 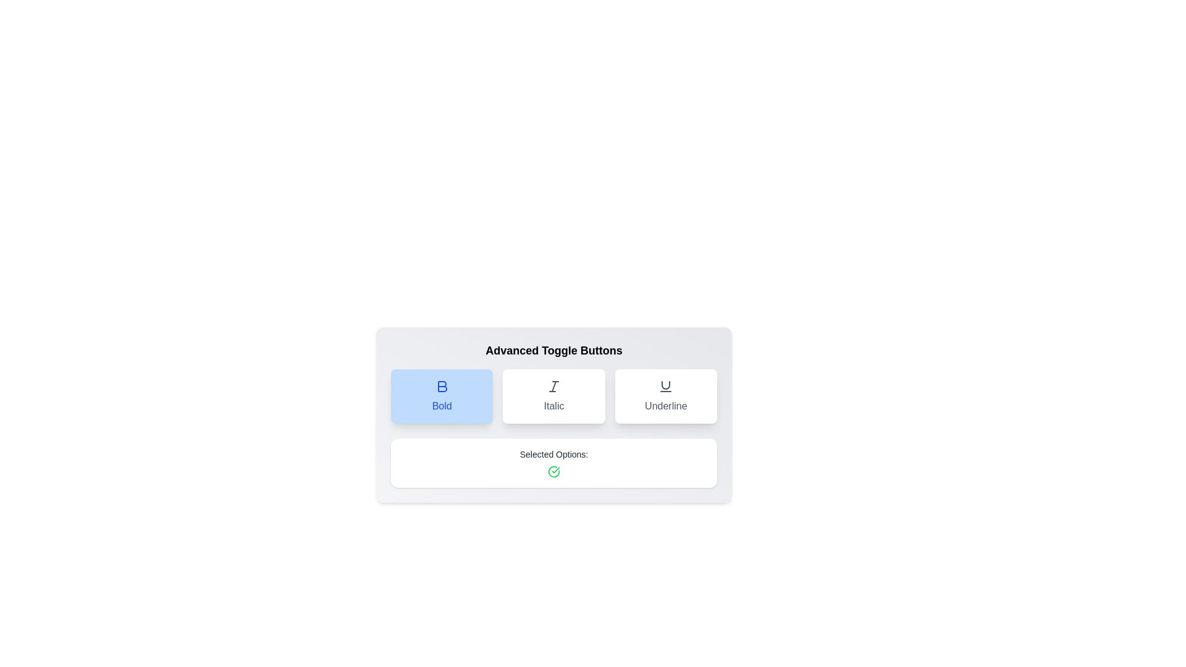 What do you see at coordinates (553, 396) in the screenshot?
I see `the button labeled Italic to observe the hover effect` at bounding box center [553, 396].